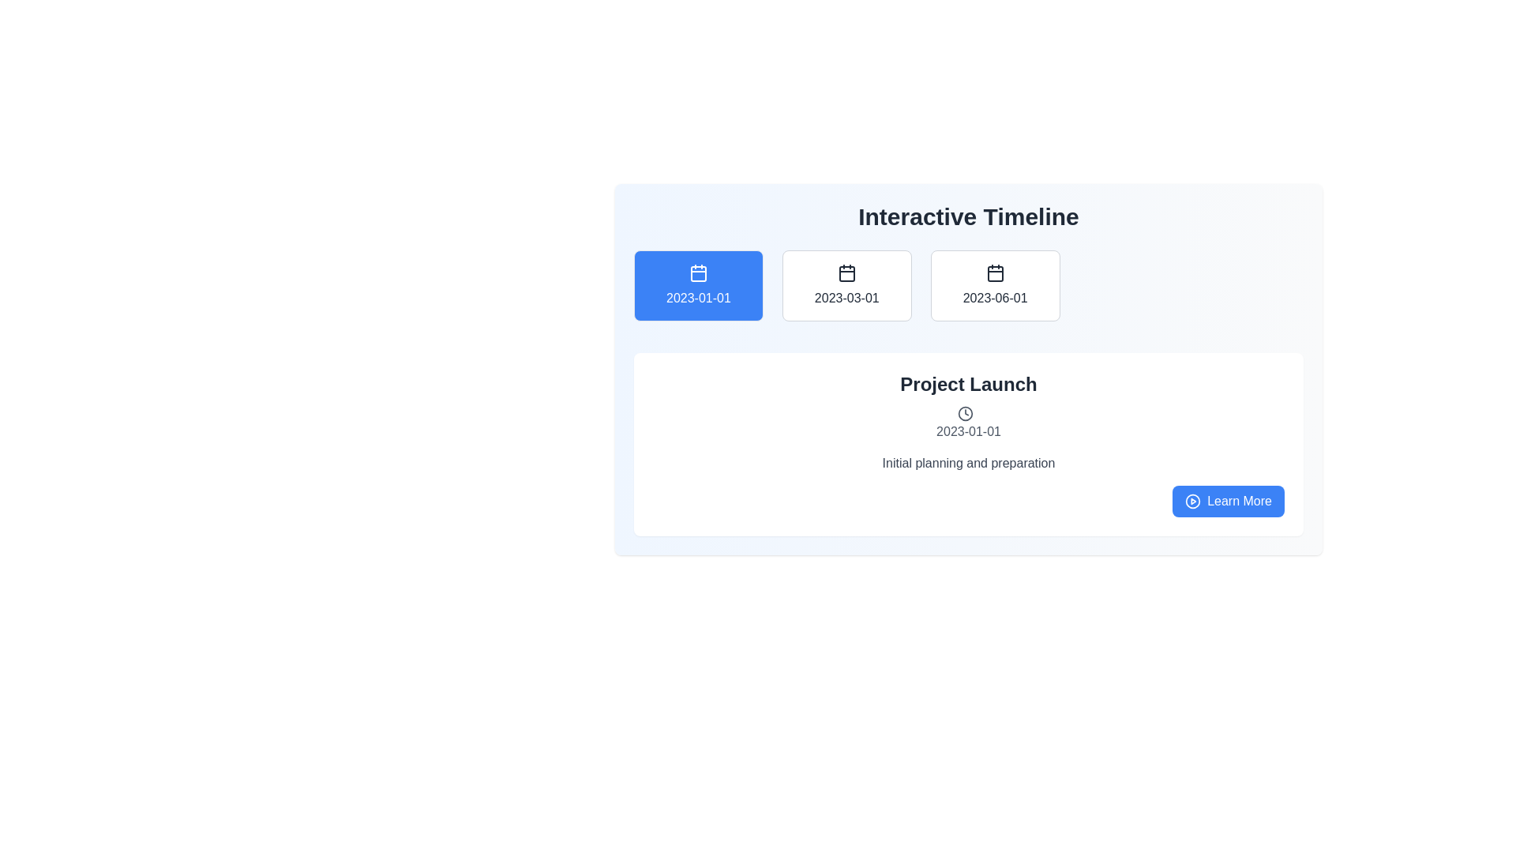 Image resolution: width=1516 pixels, height=853 pixels. What do you see at coordinates (968, 369) in the screenshot?
I see `the timeline display component that showcases chronological sequences of events, positioned below the title 'Interactive Timeline'` at bounding box center [968, 369].